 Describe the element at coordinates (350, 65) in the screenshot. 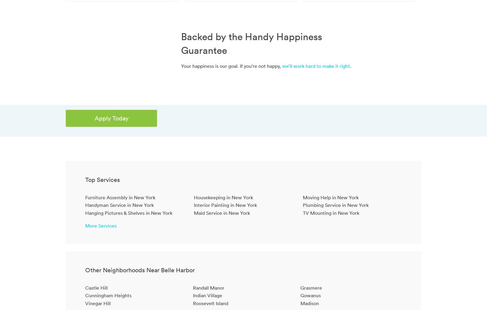

I see `'.'` at that location.